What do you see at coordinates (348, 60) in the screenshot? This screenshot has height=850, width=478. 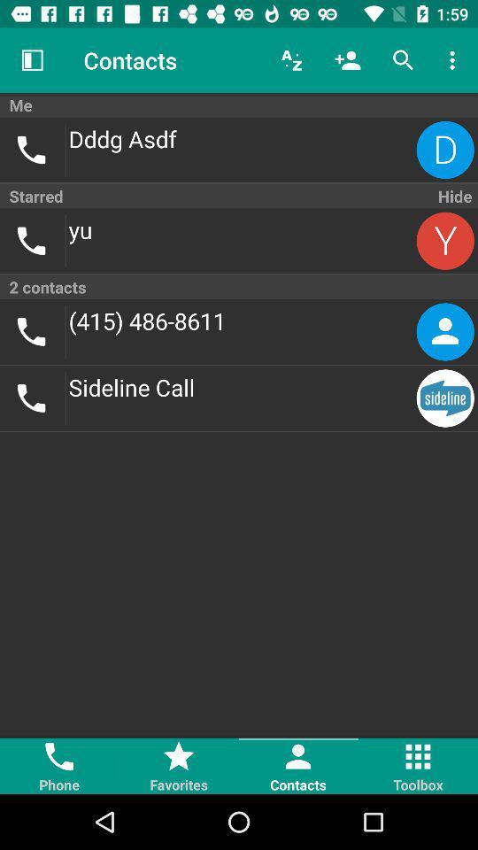 I see `item above the me item` at bounding box center [348, 60].